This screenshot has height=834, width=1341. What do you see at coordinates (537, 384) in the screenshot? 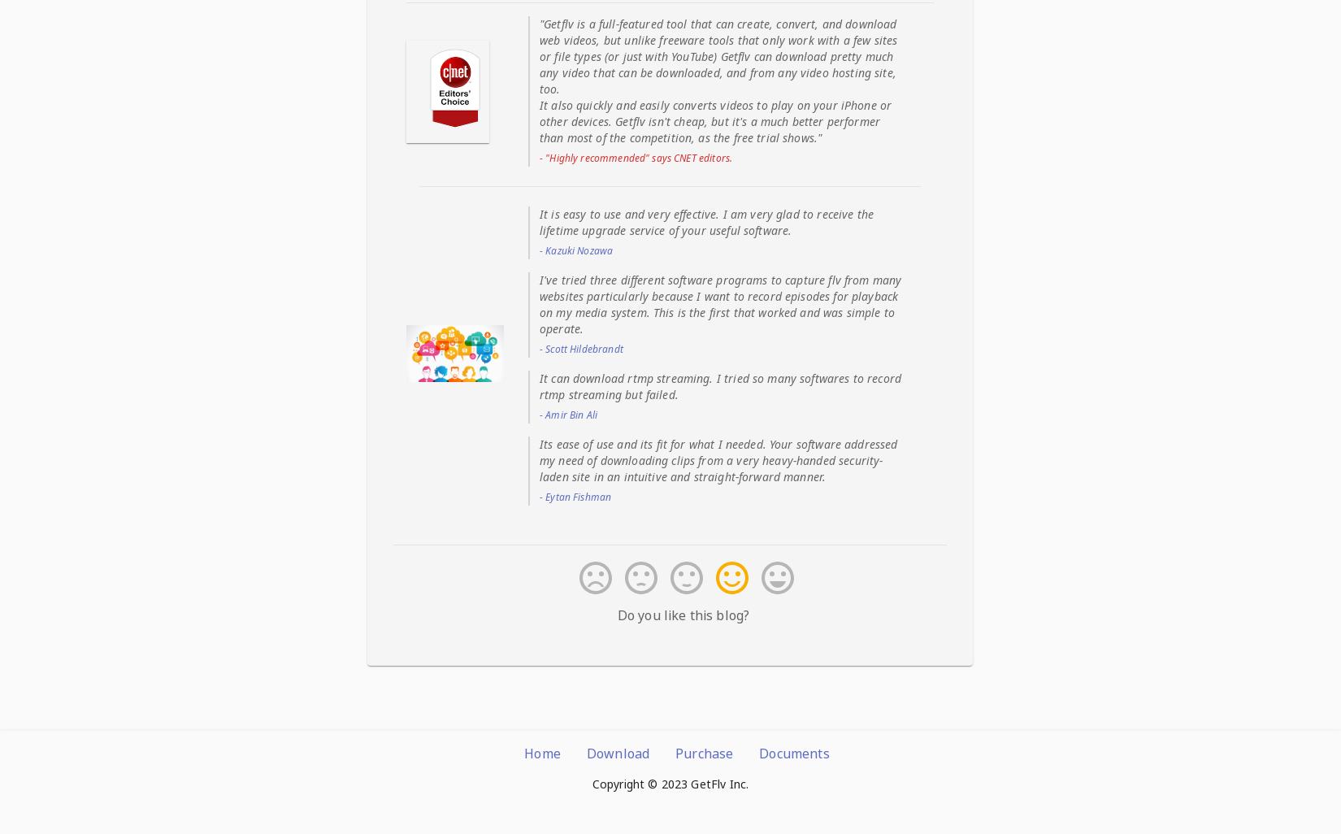
I see `'It can download rtmp streaming. I tried so many softwares to record rtmp streaming but failed.'` at bounding box center [537, 384].